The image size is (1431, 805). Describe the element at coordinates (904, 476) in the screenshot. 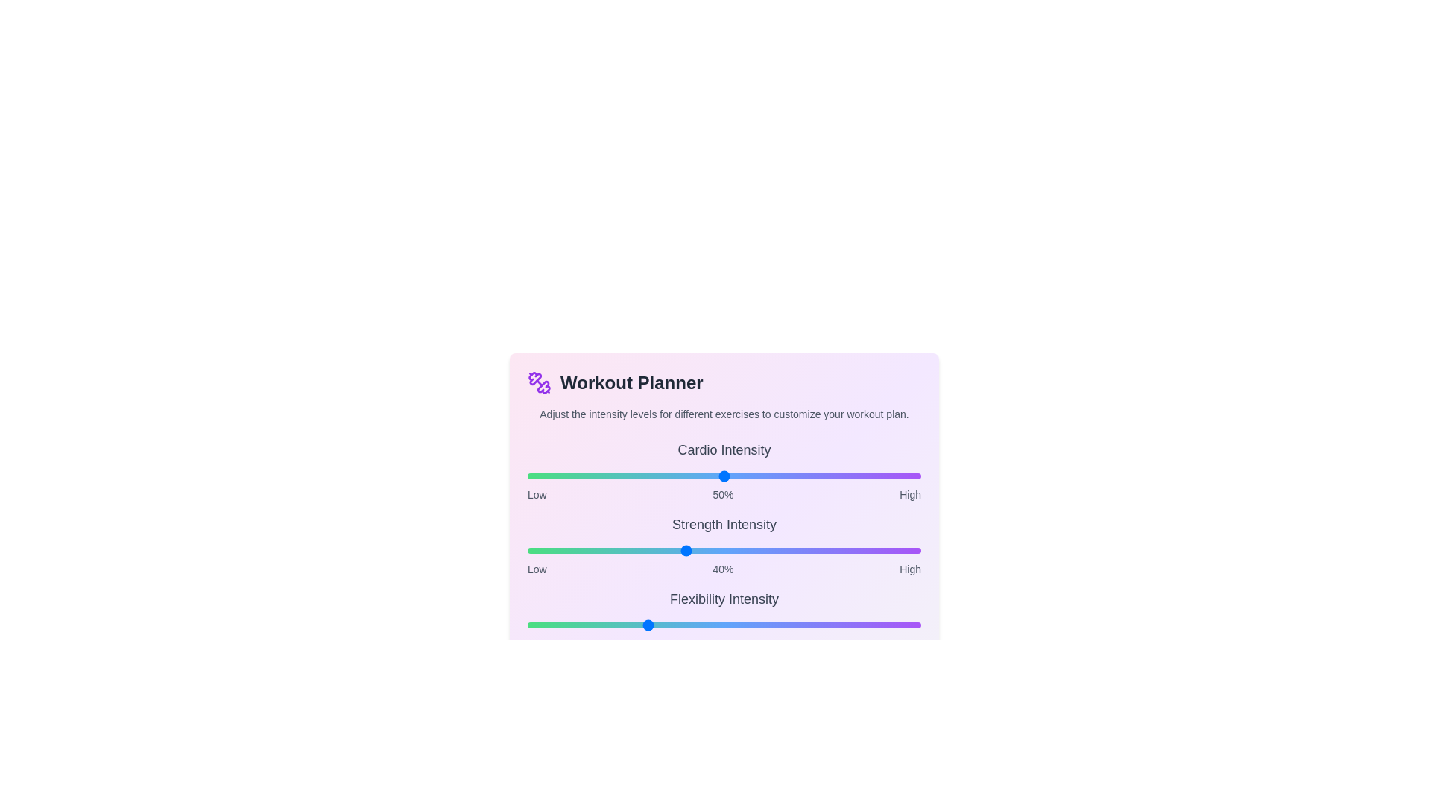

I see `the intensity of the 0 slider to 96%` at that location.